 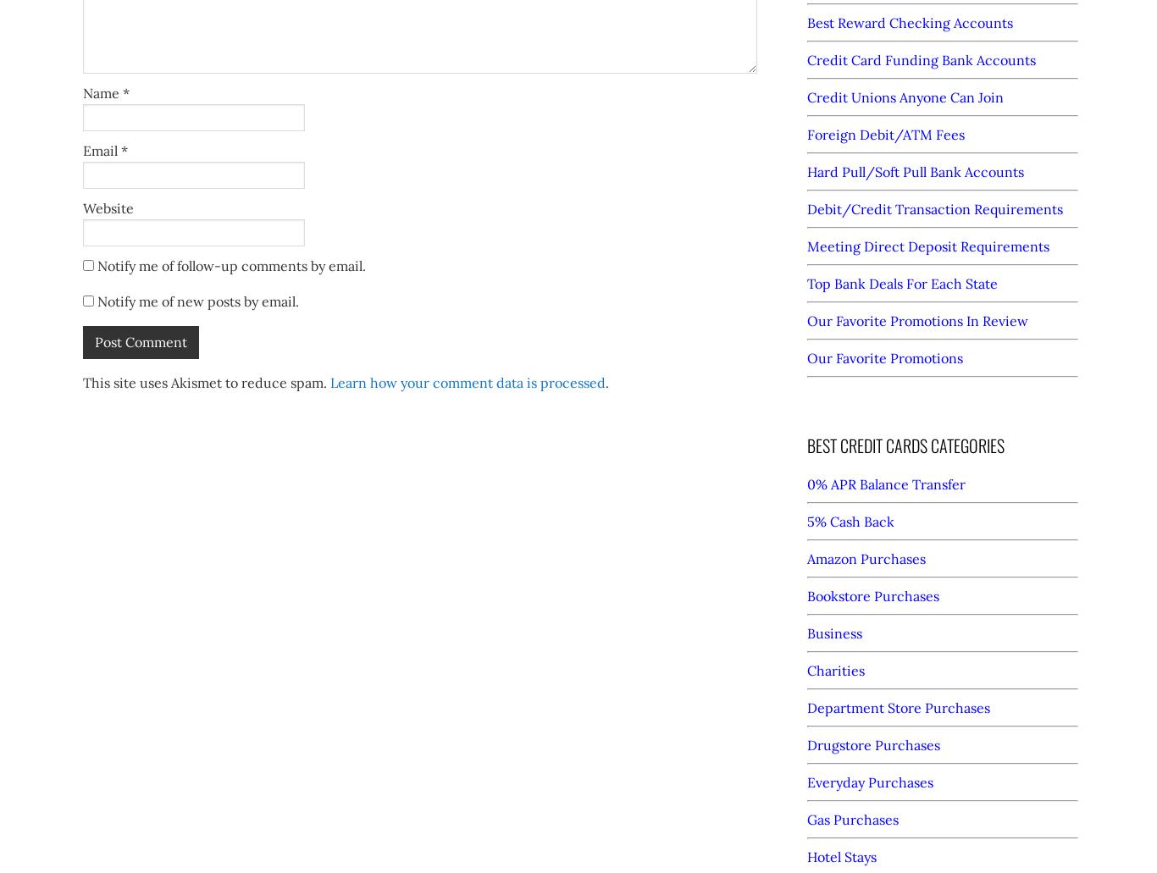 I want to click on 'Gas Purchases', so click(x=853, y=819).